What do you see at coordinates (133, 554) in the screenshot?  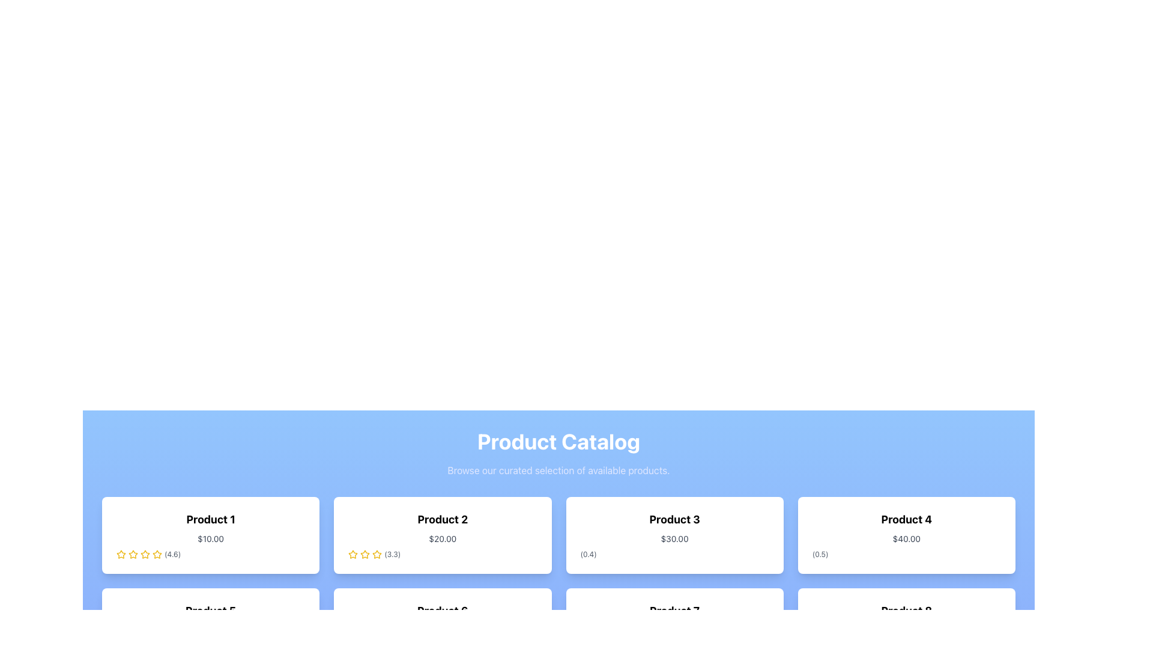 I see `the third star icon with a yellow outline, representing a rating in the 'Product 1' card, located near the rating label '(4.6)'` at bounding box center [133, 554].